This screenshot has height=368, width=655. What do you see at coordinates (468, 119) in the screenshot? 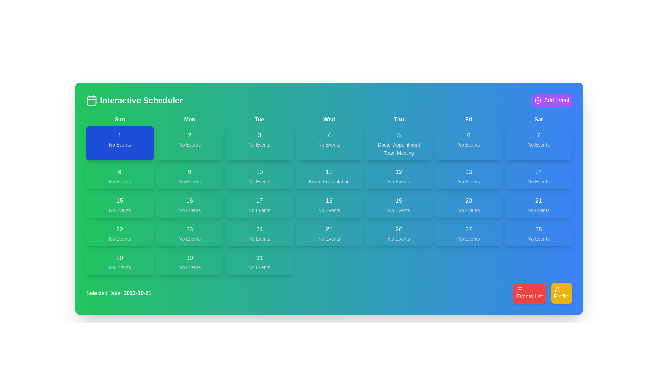
I see `the text label displaying 'Fri' in bold font, which is the sixth element in a grid of weekday labels, positioned between 'Thu' and 'Sat'` at bounding box center [468, 119].